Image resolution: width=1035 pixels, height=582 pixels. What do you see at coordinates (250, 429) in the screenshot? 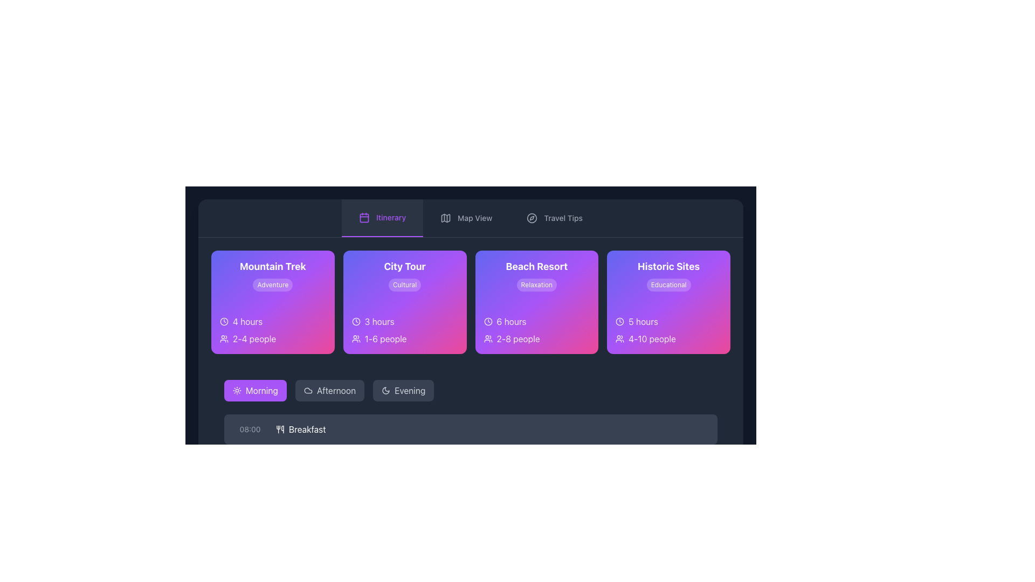
I see `the static text label indicating the time associated with the 'Breakfast' activity in the schedule` at bounding box center [250, 429].